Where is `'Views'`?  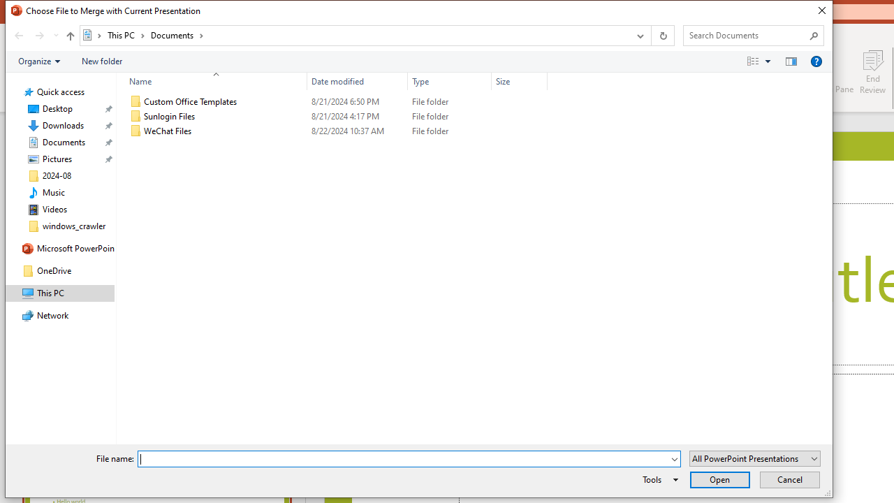
'Views' is located at coordinates (761, 60).